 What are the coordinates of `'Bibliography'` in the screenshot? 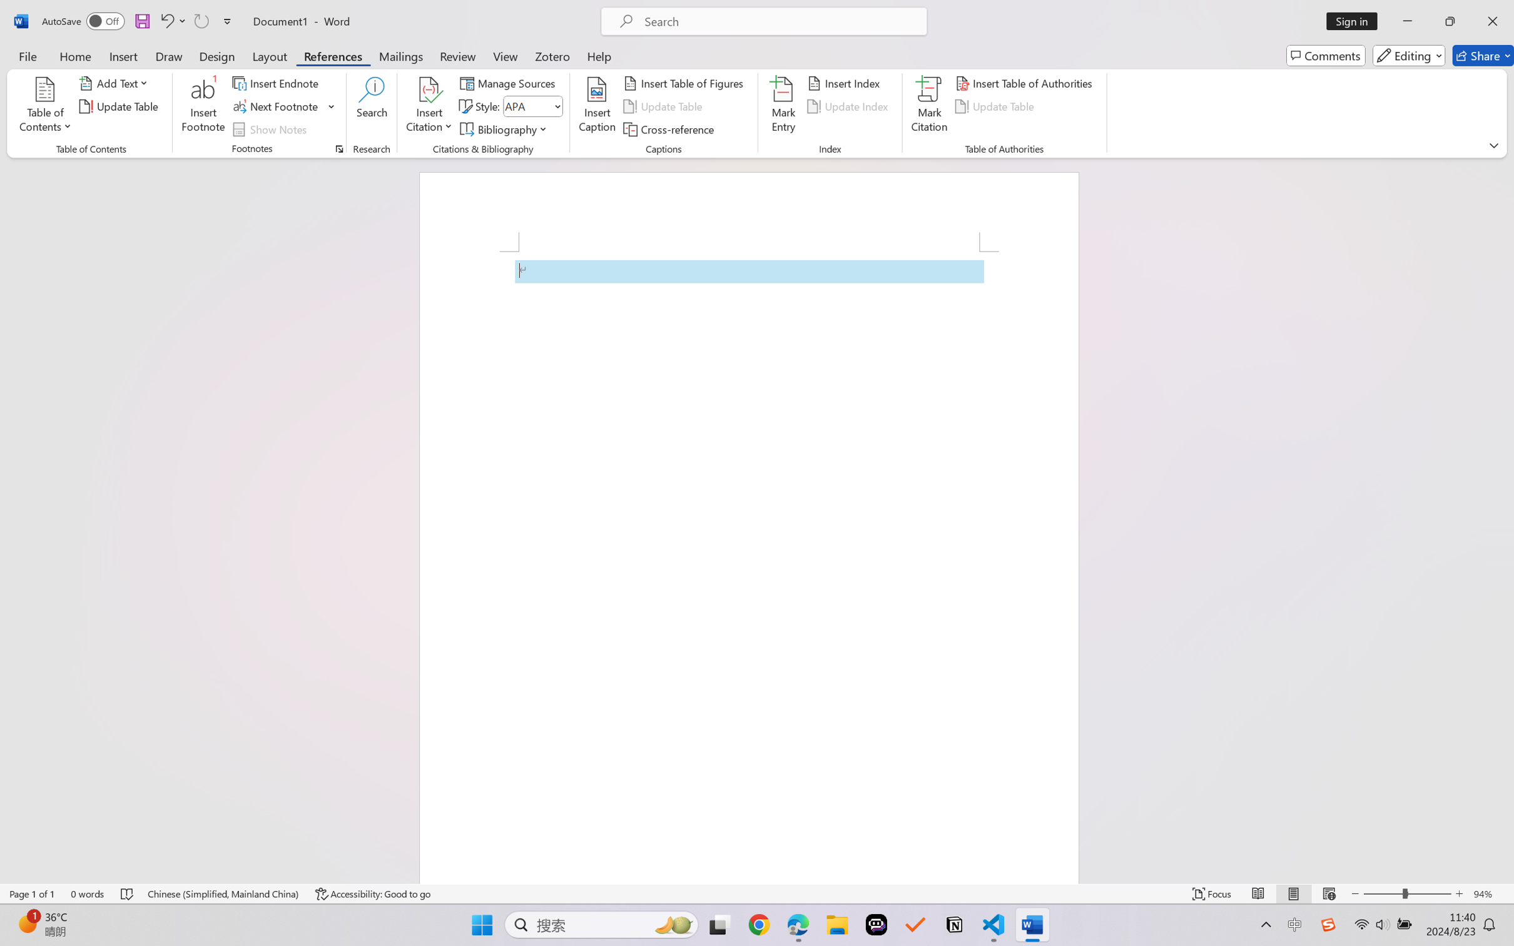 It's located at (505, 130).